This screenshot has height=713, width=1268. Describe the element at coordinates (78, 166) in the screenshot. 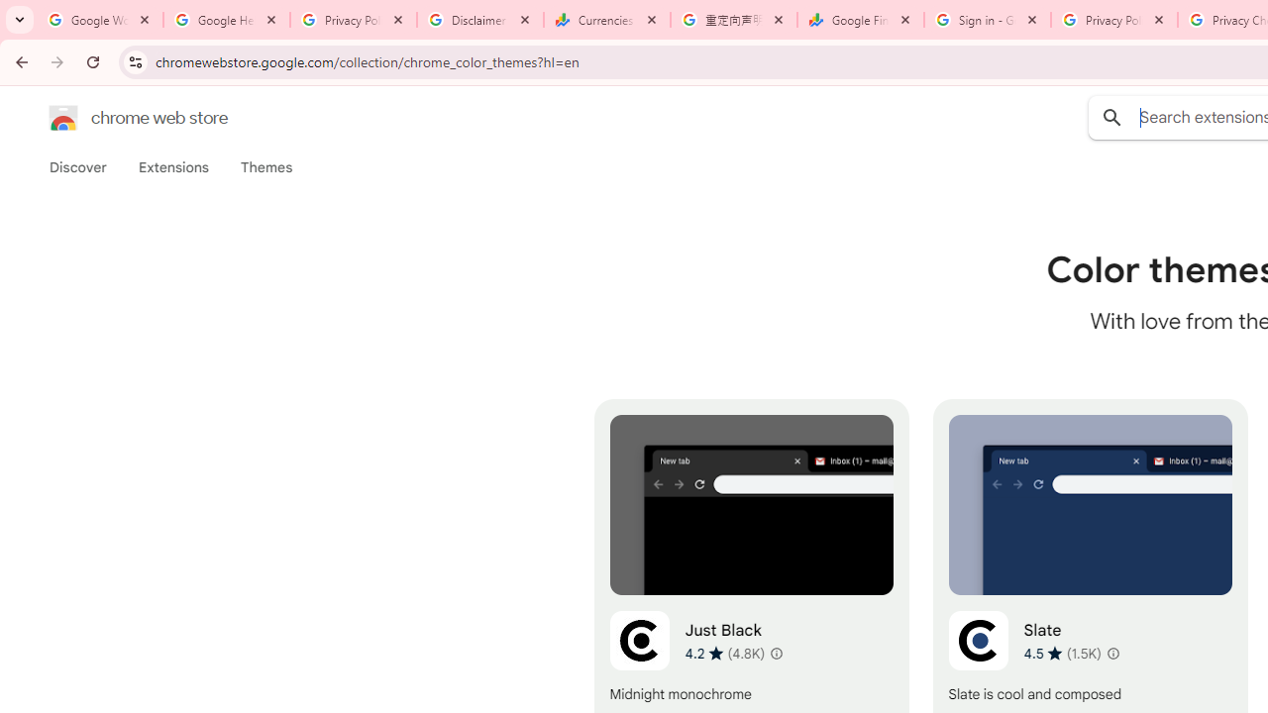

I see `'Discover'` at that location.